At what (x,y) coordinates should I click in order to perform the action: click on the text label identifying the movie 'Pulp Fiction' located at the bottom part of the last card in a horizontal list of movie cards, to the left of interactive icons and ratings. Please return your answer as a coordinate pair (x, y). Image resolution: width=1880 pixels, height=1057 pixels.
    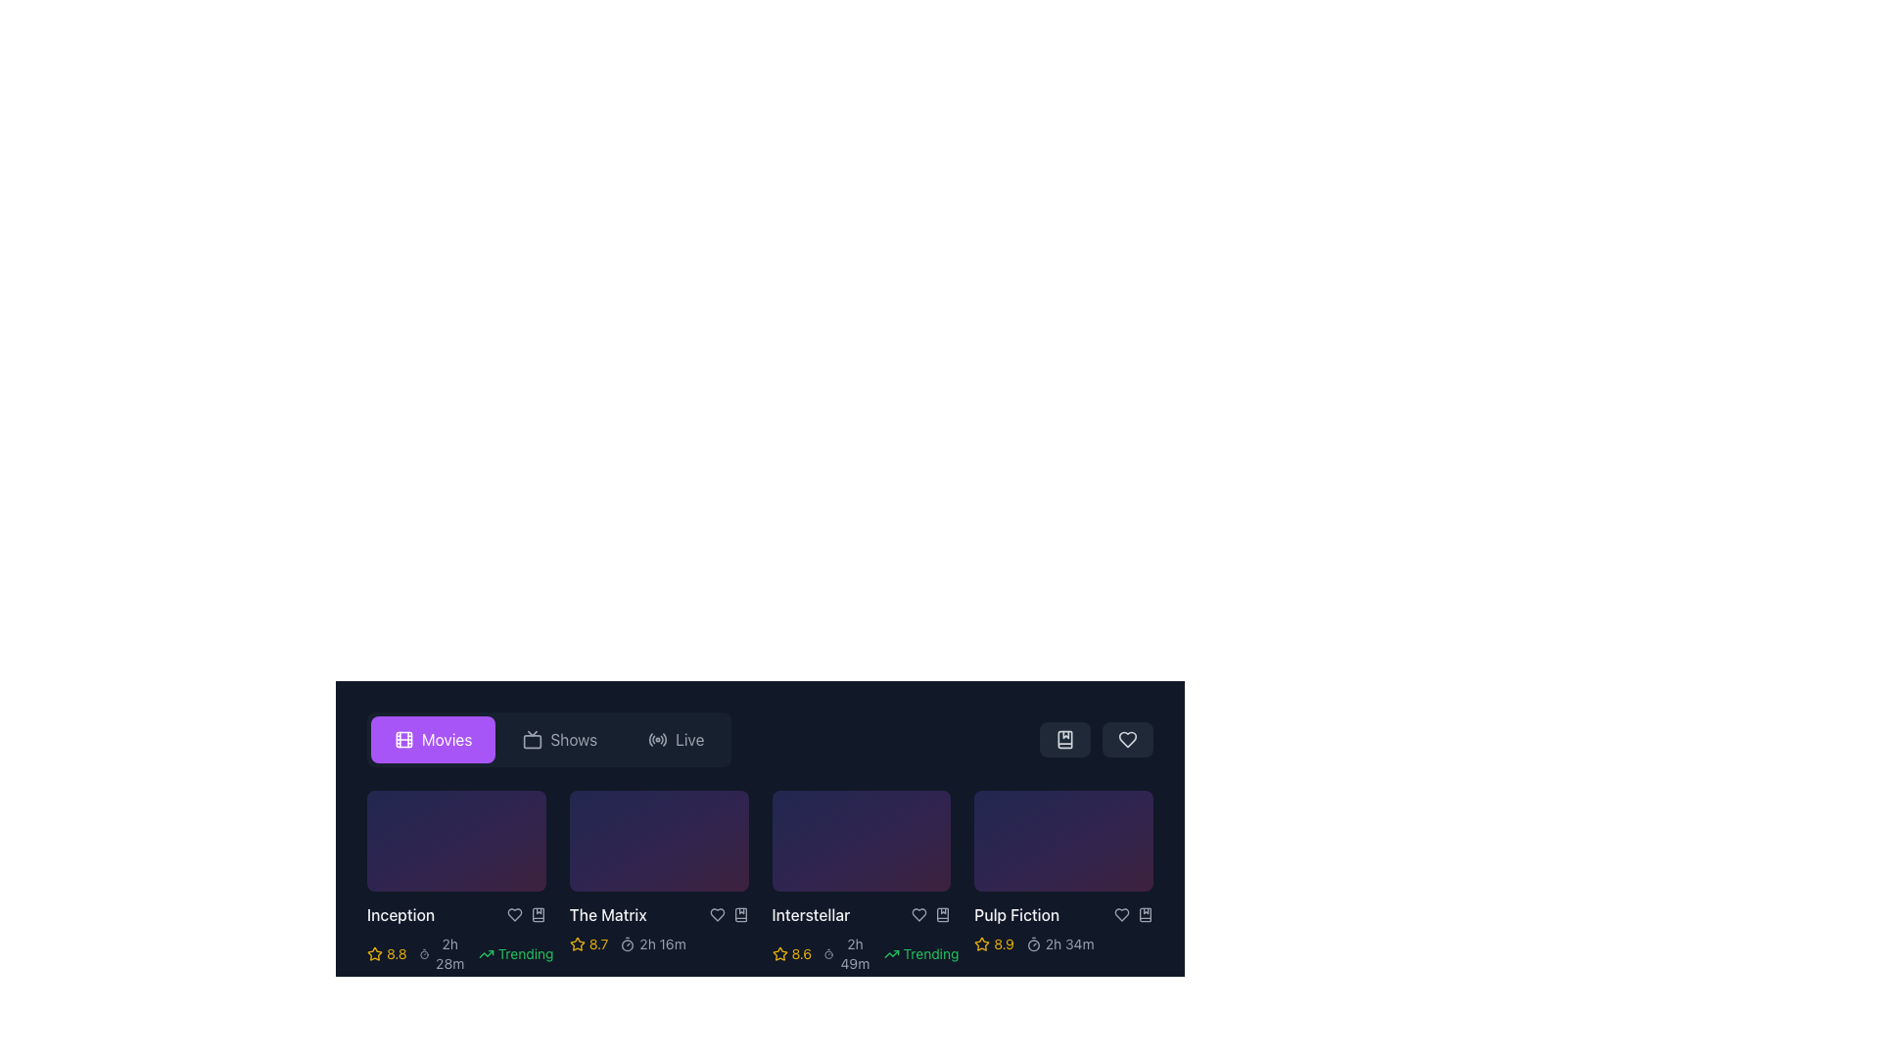
    Looking at the image, I should click on (1016, 914).